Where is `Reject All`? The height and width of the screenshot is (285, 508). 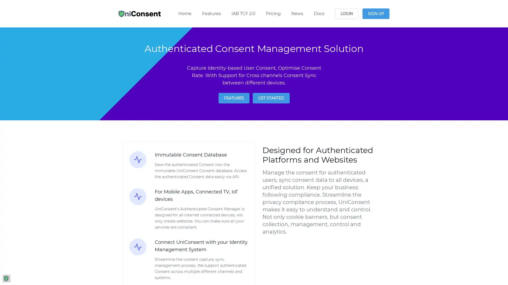
Reject All is located at coordinates (74, 275).